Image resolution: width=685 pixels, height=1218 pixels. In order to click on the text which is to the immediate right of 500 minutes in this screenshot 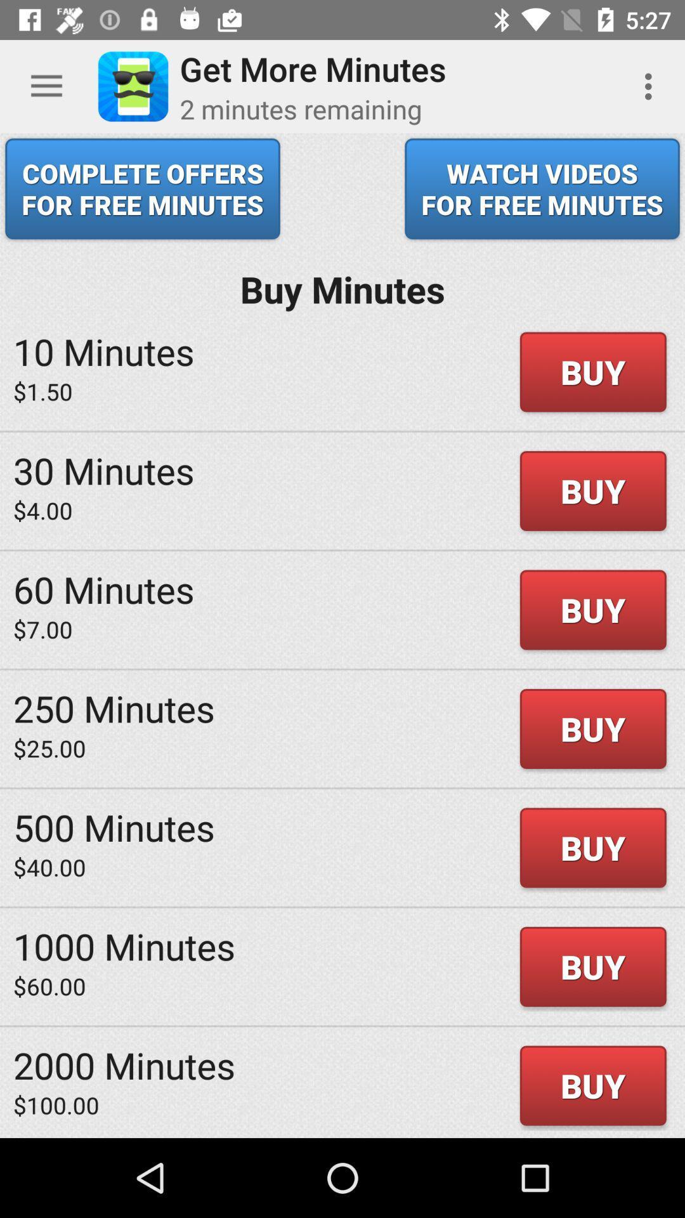, I will do `click(593, 848)`.